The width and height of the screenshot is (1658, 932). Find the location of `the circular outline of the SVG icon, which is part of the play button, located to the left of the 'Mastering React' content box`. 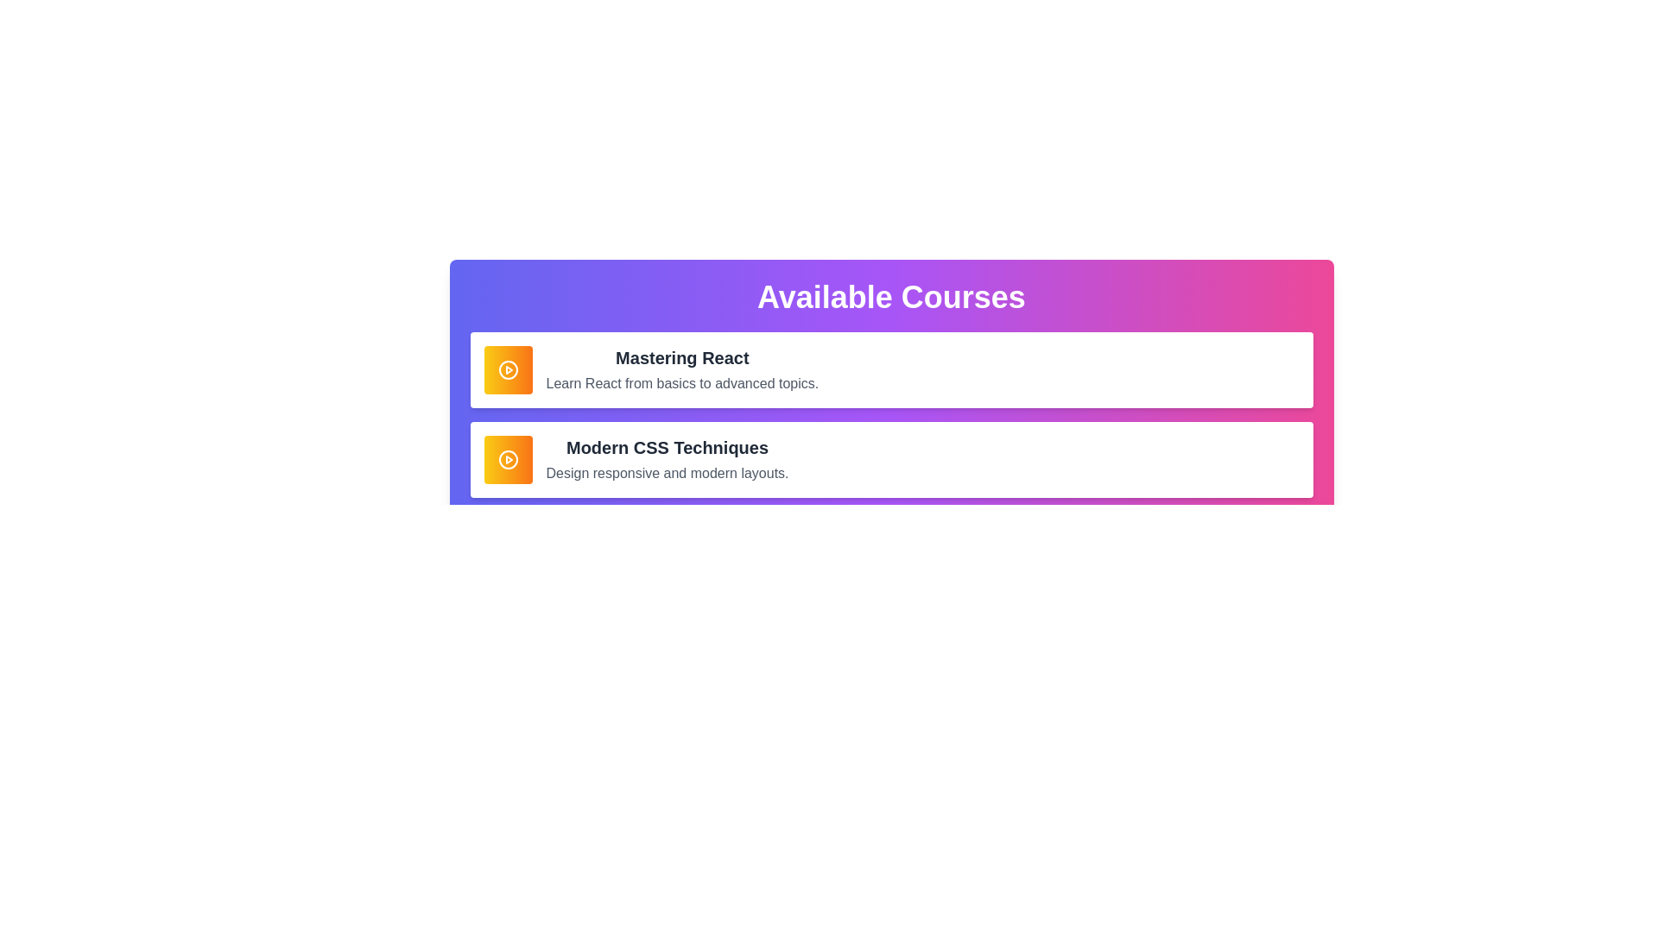

the circular outline of the SVG icon, which is part of the play button, located to the left of the 'Mastering React' content box is located at coordinates (507, 458).